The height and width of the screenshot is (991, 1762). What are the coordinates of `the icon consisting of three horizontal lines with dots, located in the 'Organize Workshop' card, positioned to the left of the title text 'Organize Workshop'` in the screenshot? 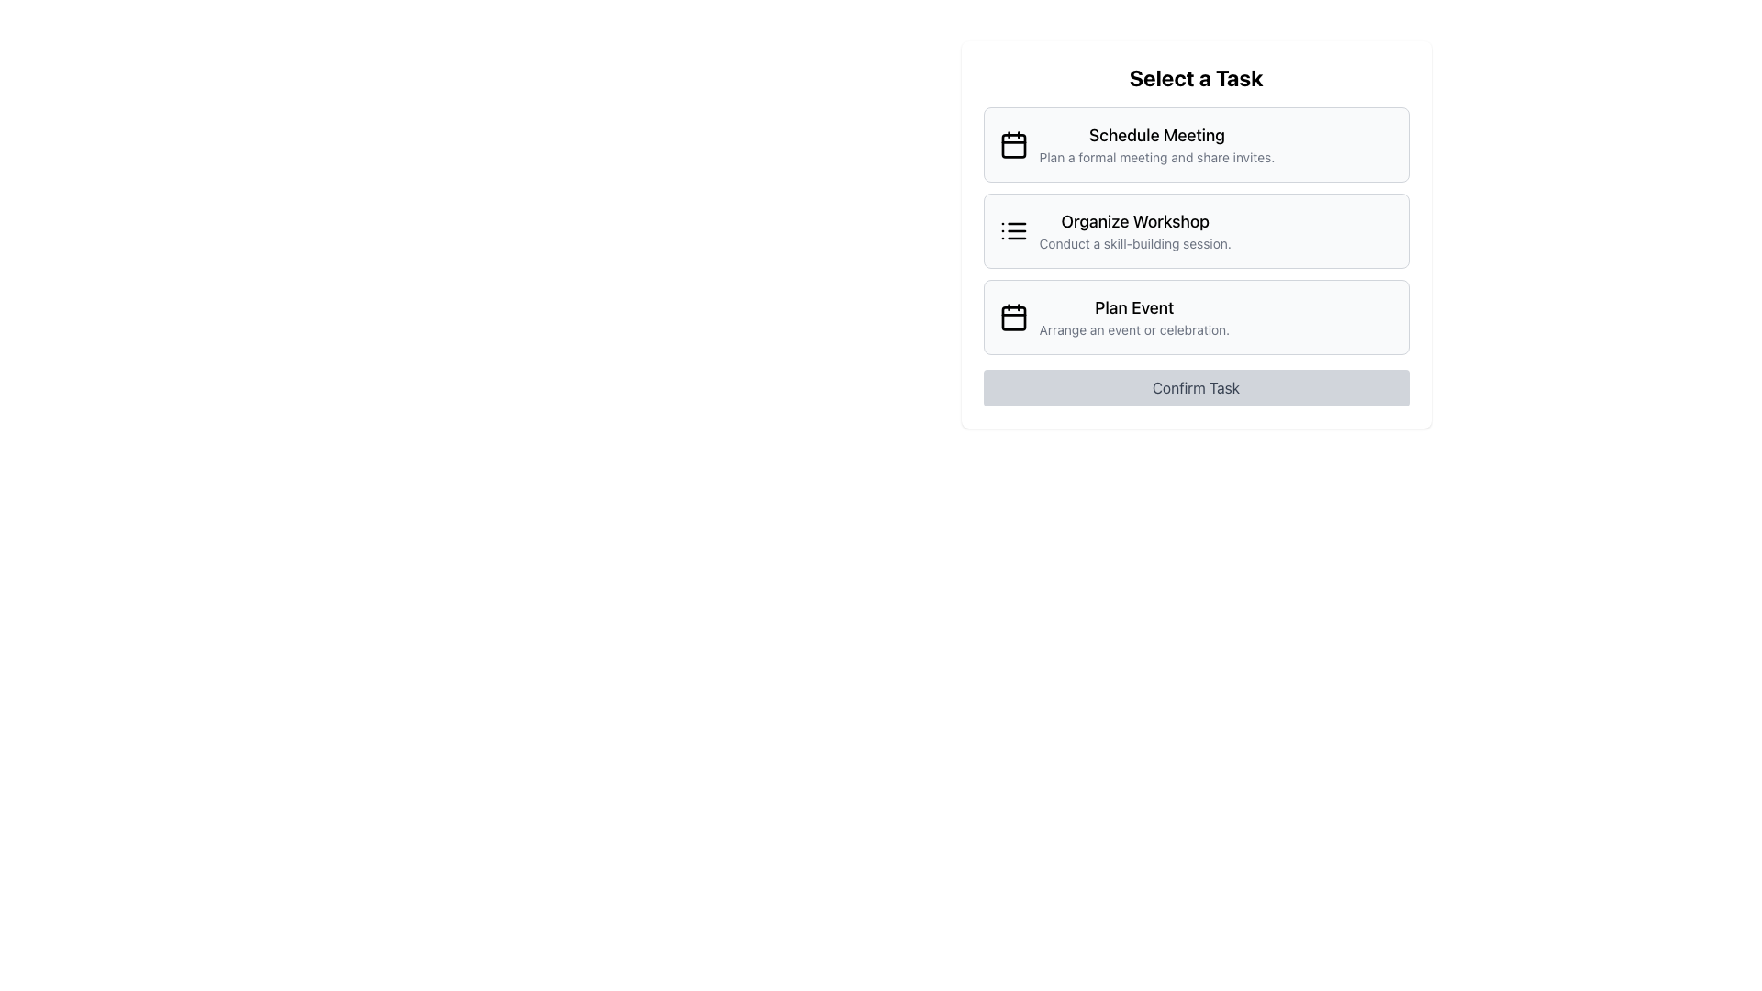 It's located at (1012, 229).